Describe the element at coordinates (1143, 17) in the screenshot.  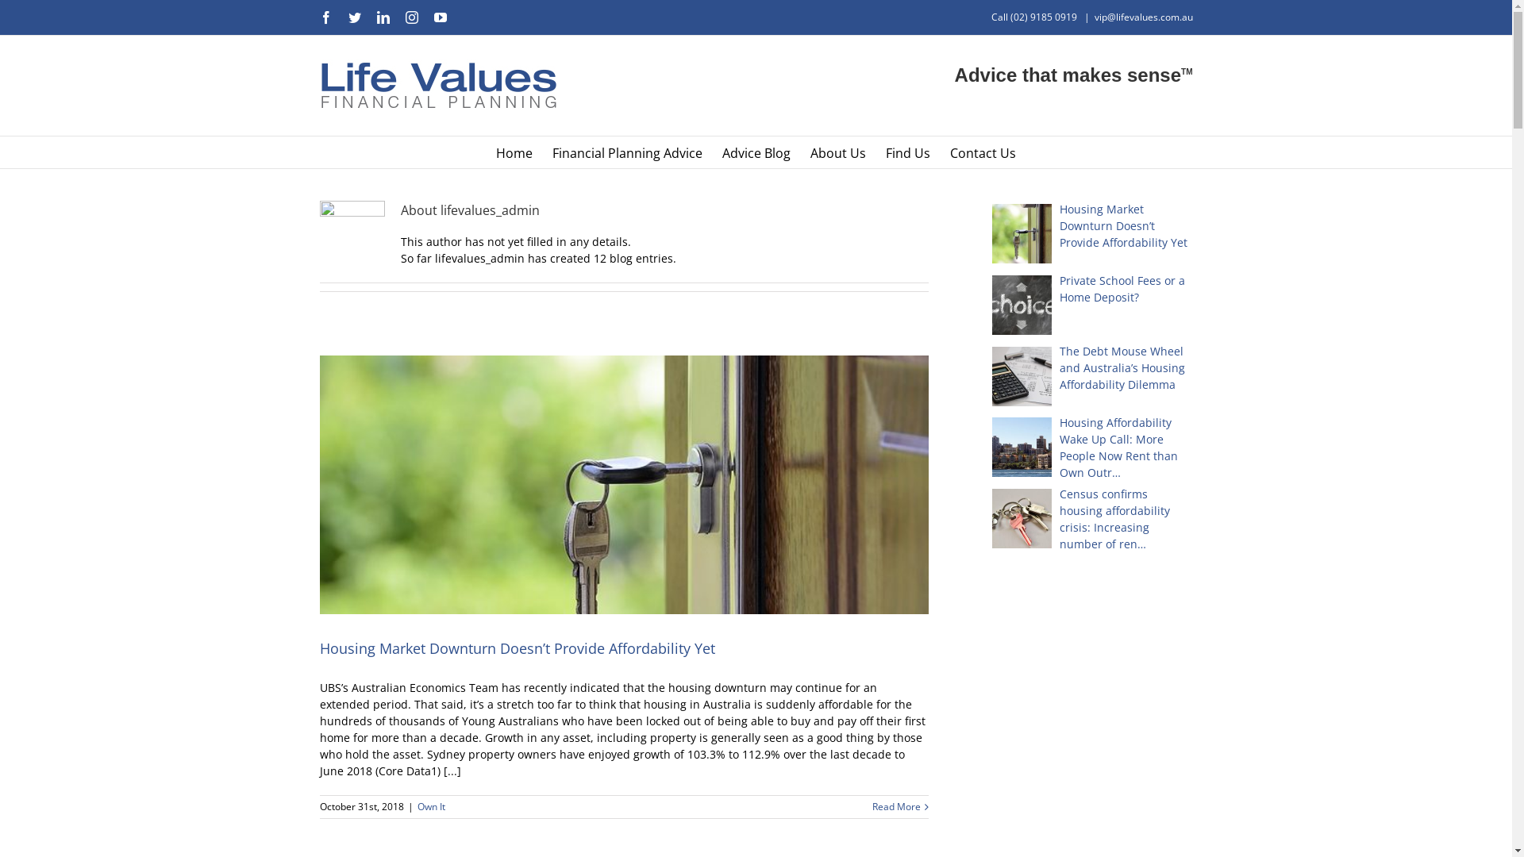
I see `'vip@lifevalues.com.au'` at that location.